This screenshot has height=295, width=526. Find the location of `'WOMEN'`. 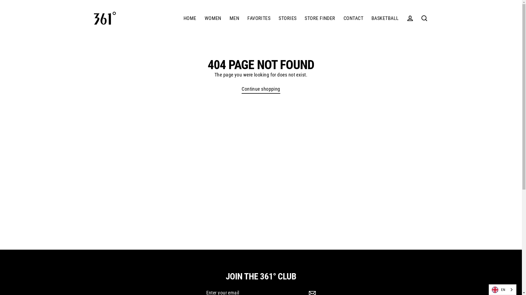

'WOMEN' is located at coordinates (213, 18).